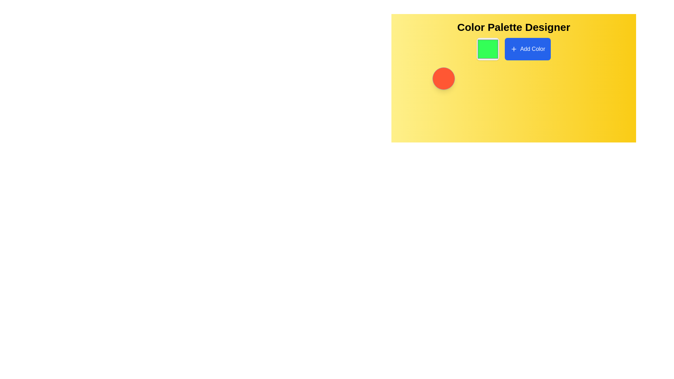 This screenshot has height=379, width=674. I want to click on the button that allows users, so click(528, 48).